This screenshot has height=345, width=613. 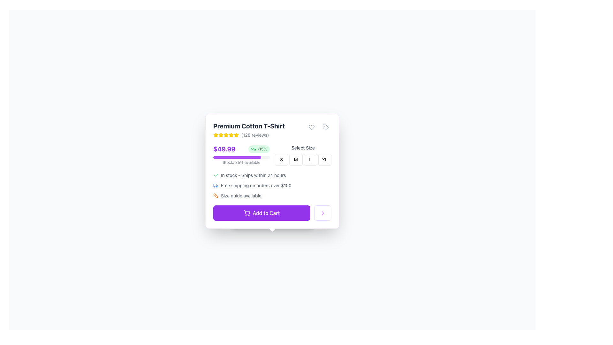 What do you see at coordinates (236, 134) in the screenshot?
I see `the leftmost star-shaped icon filled with yellow color in the rating section under 'Premium Cotton T-Shirt'` at bounding box center [236, 134].